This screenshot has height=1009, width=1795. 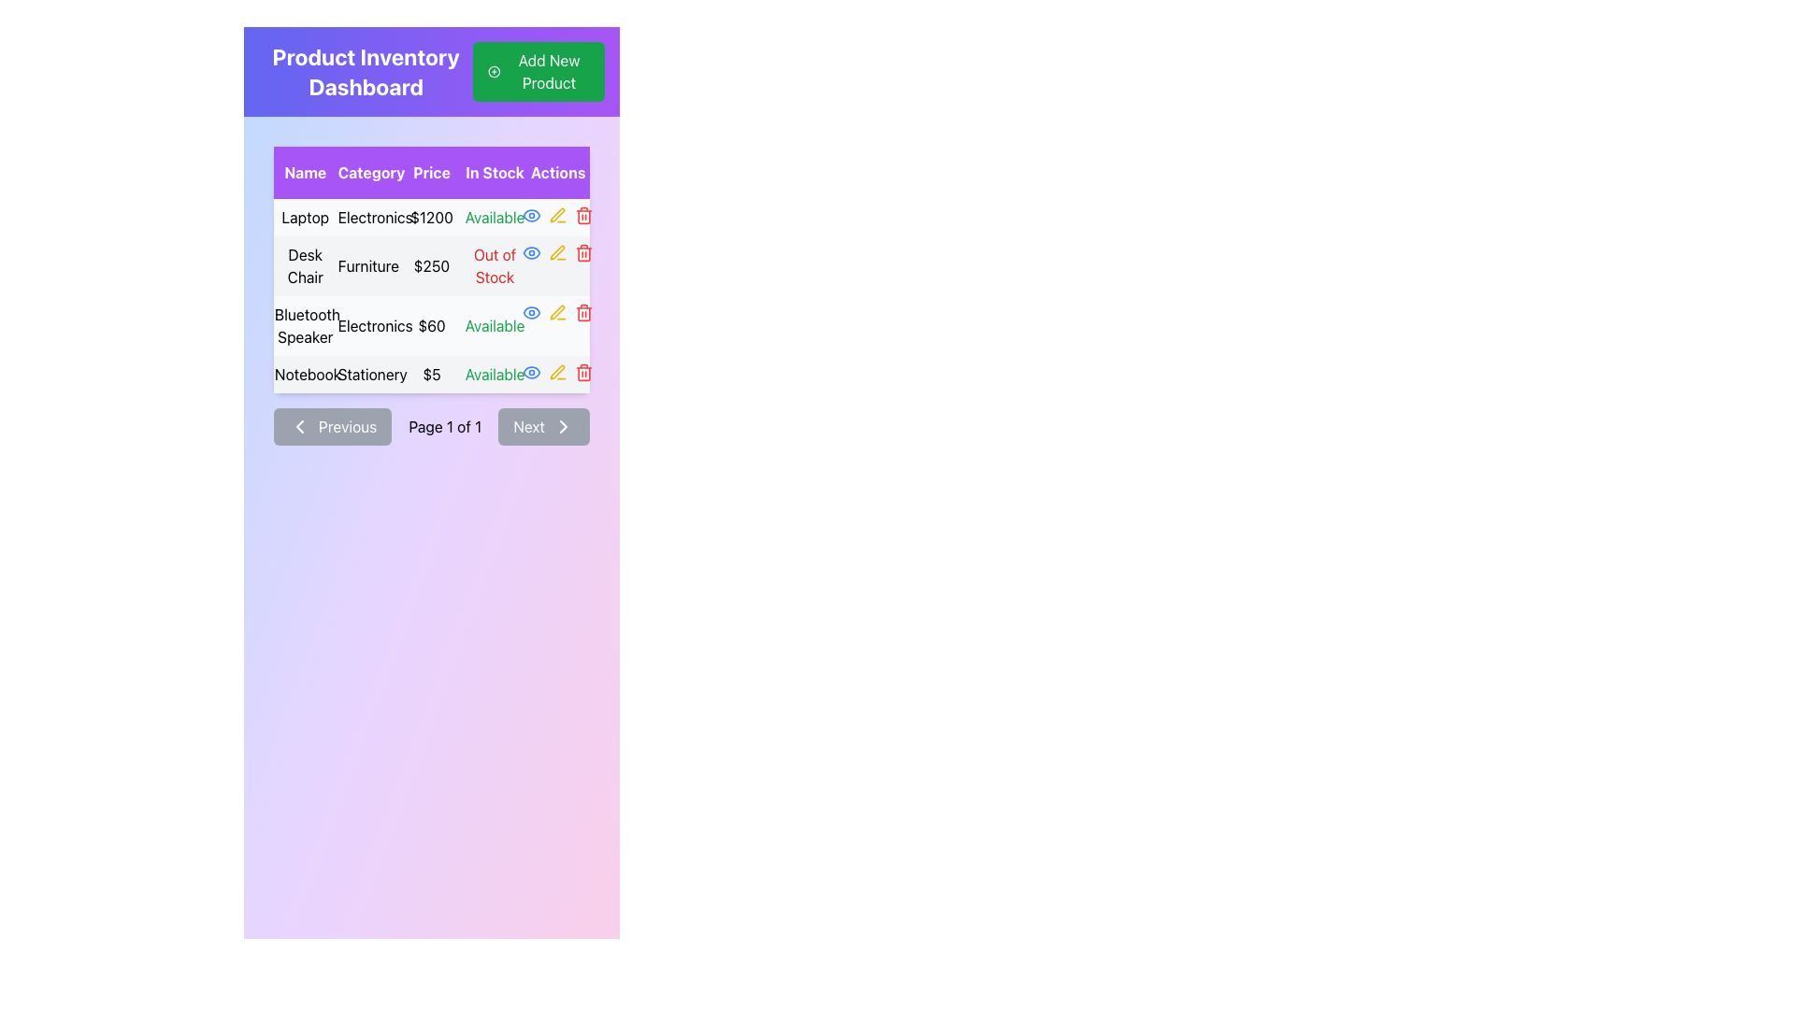 I want to click on the small blue eye-shaped icon button located in the 'Actions' column of the table for the first row labeled 'Laptop Electronics $1200 Available', so click(x=531, y=215).